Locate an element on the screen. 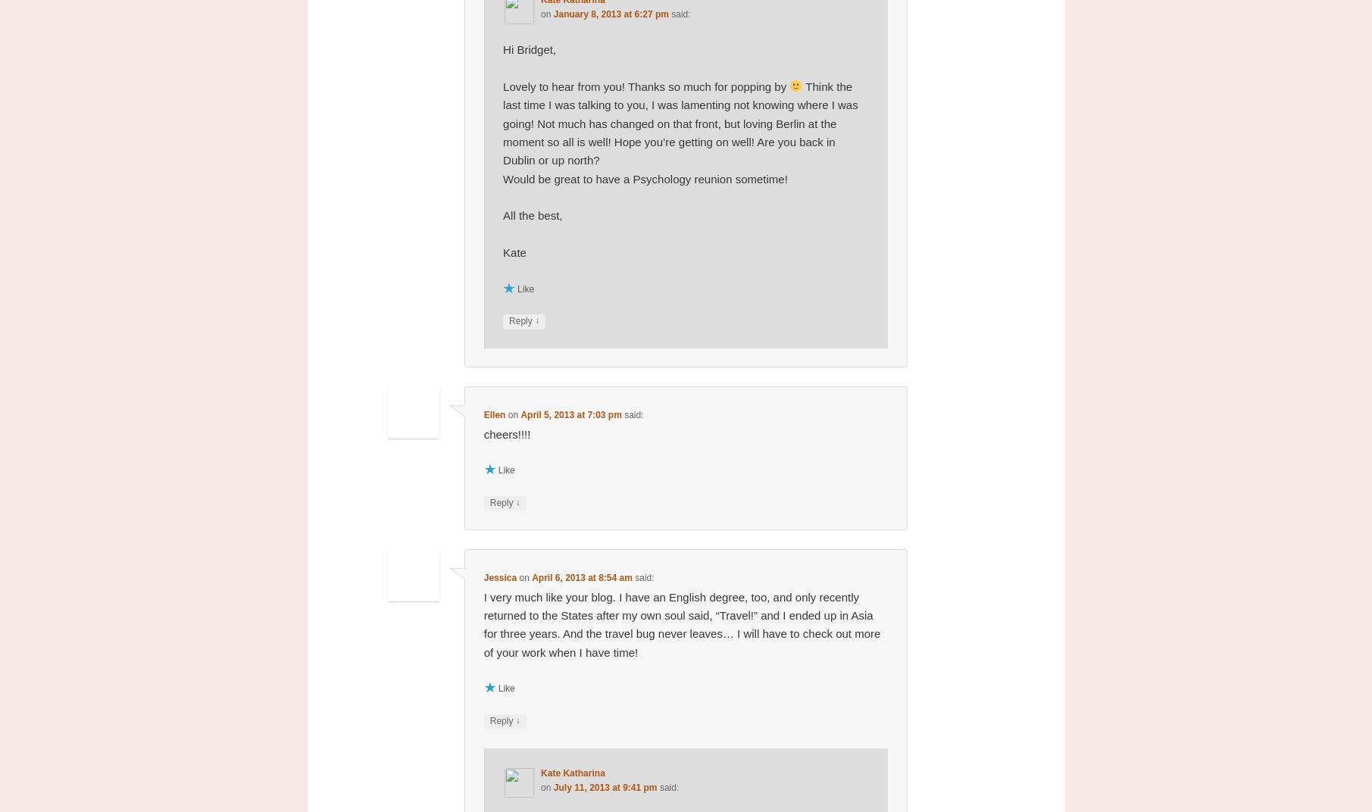  'January 8, 2013 at 6:27 pm' is located at coordinates (611, 13).